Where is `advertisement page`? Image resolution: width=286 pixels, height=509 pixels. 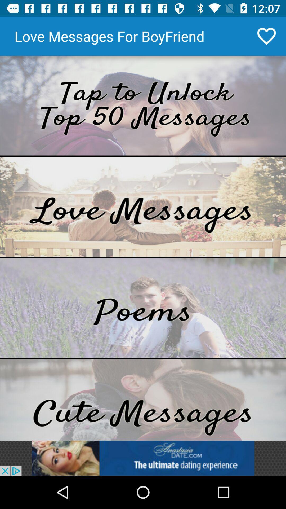 advertisement page is located at coordinates (143, 458).